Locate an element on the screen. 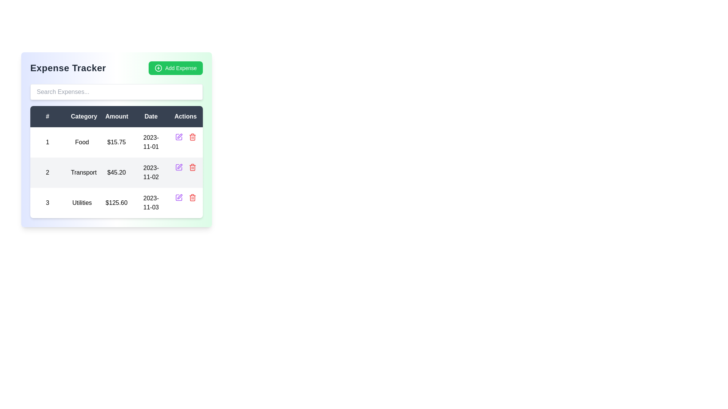 The image size is (728, 409). the plus-circle icon located in the top-right corner of the interface, which is inside a green button adjacent to the text 'Add Expense', to initiate the addition of an expense is located at coordinates (158, 68).